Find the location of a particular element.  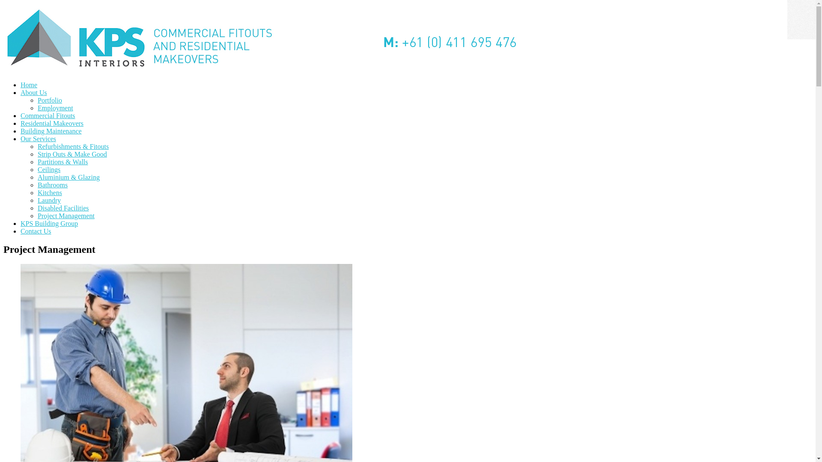

'Laundry' is located at coordinates (49, 200).